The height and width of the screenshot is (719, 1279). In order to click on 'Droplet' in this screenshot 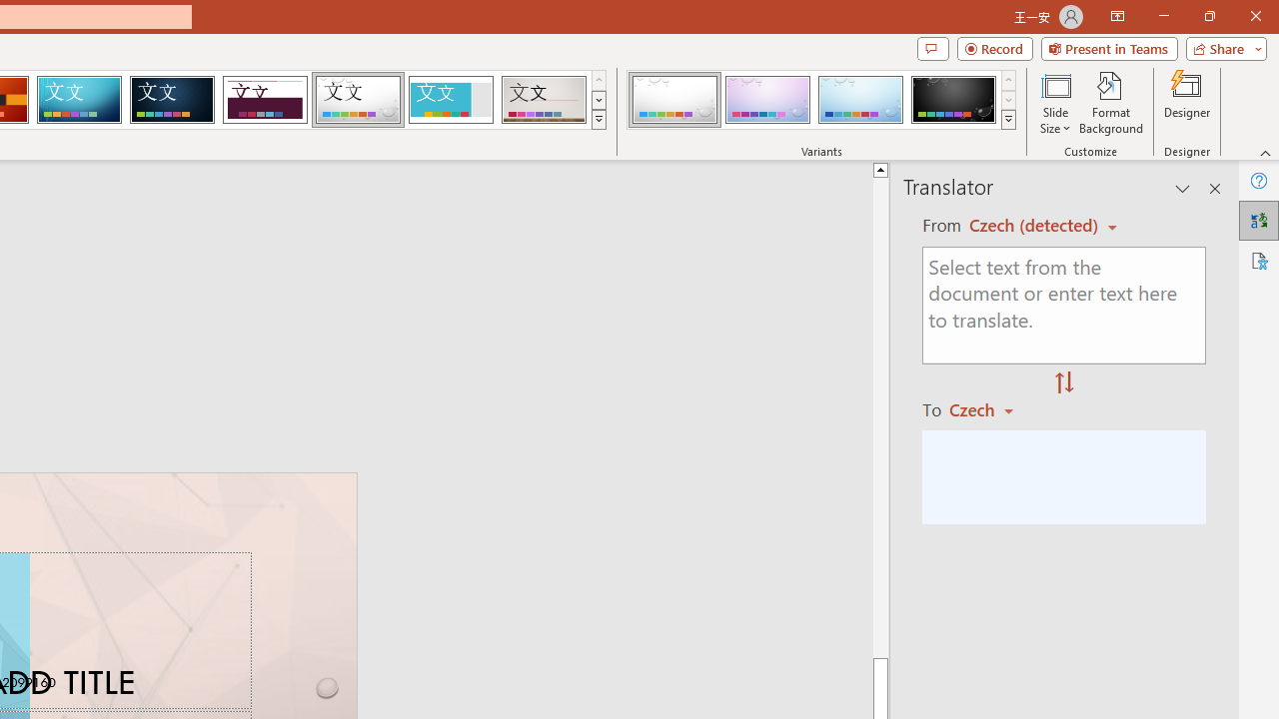, I will do `click(358, 100)`.